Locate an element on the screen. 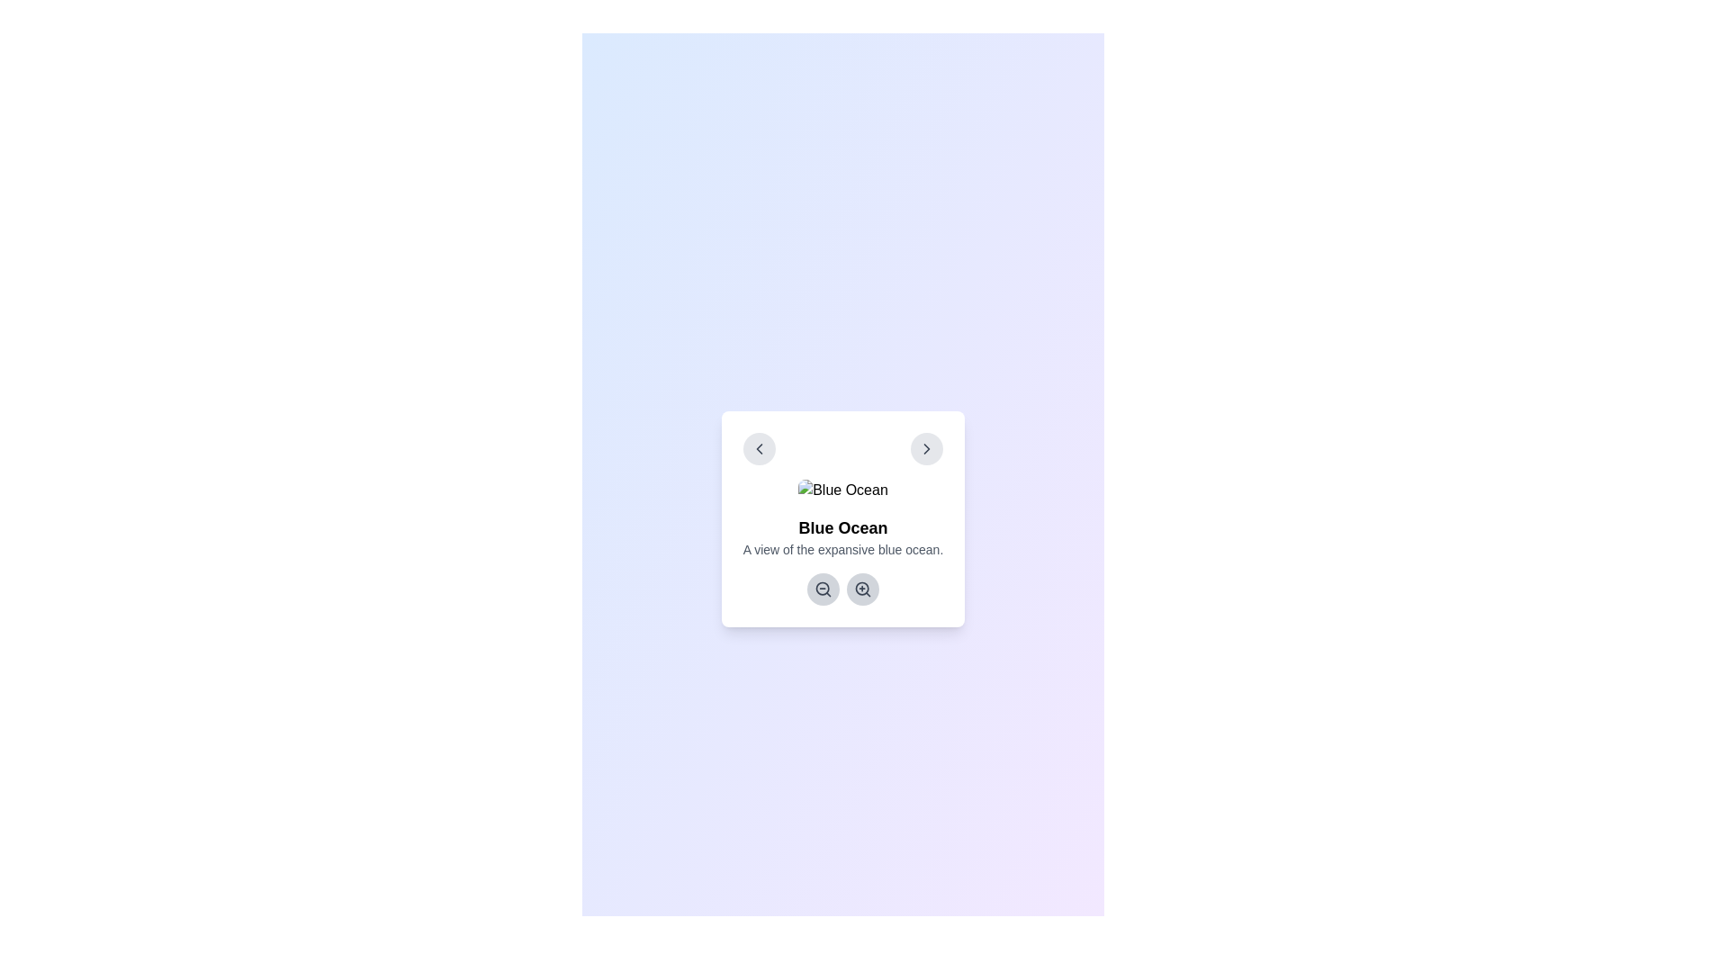  the left button of the zoom controls located below the descriptive text 'Blue Ocean' to zoom out is located at coordinates (841, 589).